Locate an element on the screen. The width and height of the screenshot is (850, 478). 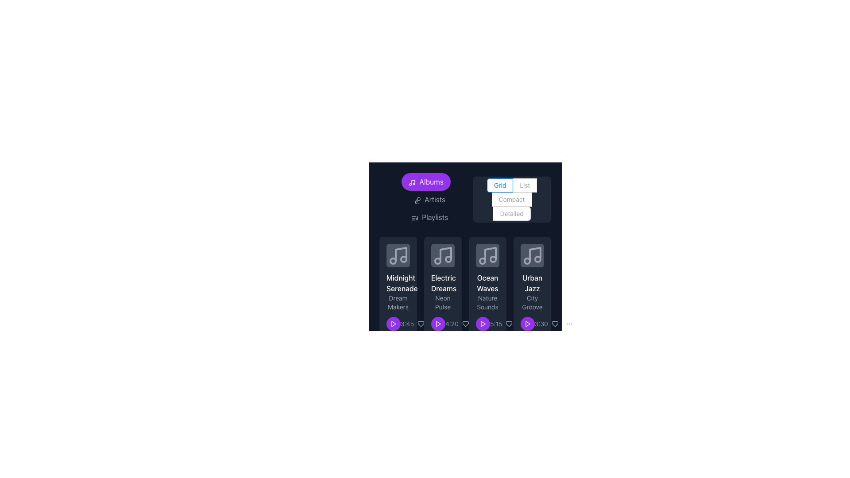
the circular heart-shaped button with a transparent background located at the bottom-right corner of the 'Urban Jazz' card is located at coordinates (554, 324).